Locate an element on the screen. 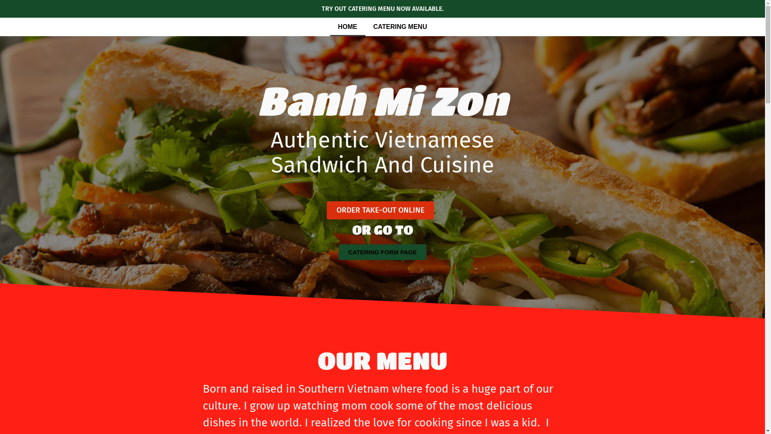 Image resolution: width=771 pixels, height=434 pixels. 'HOME' is located at coordinates (347, 26).